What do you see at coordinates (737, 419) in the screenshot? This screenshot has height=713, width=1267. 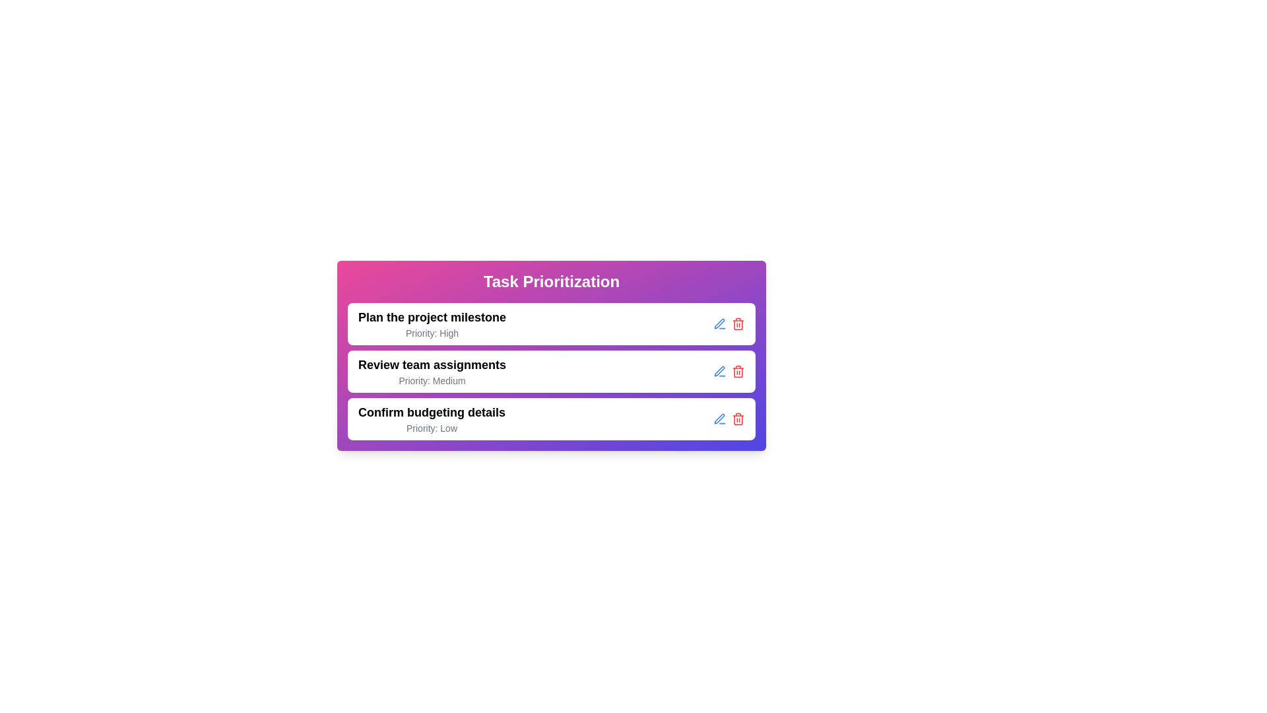 I see `the delete button with a trash can icon, located at the far right of the row for the task titled 'Confirm budgeting details'` at bounding box center [737, 419].